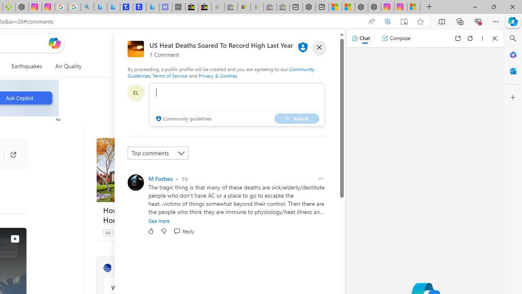  Describe the element at coordinates (113, 7) in the screenshot. I see `'Microsoft Bing Travel - Stays in Bangkok, Bangkok, Thailand'` at that location.